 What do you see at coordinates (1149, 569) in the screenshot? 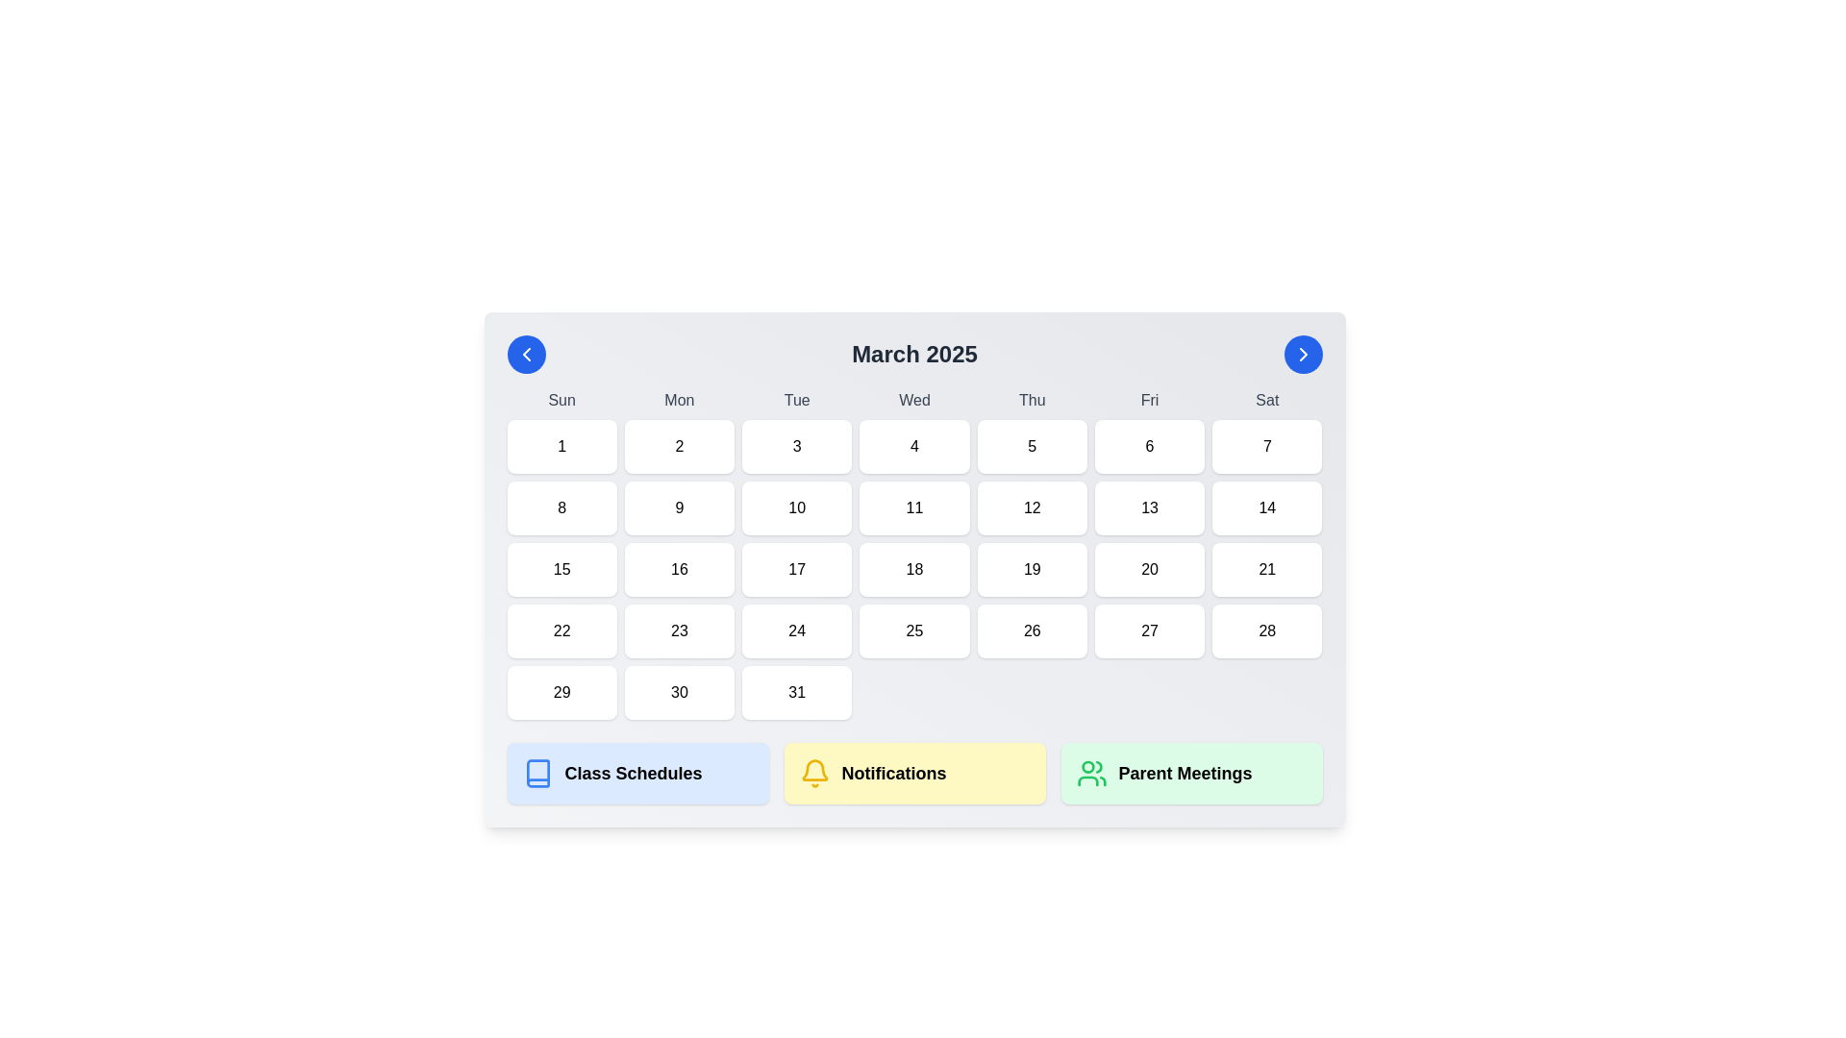
I see `the interactive calendar day cell displaying the number '20'` at bounding box center [1149, 569].